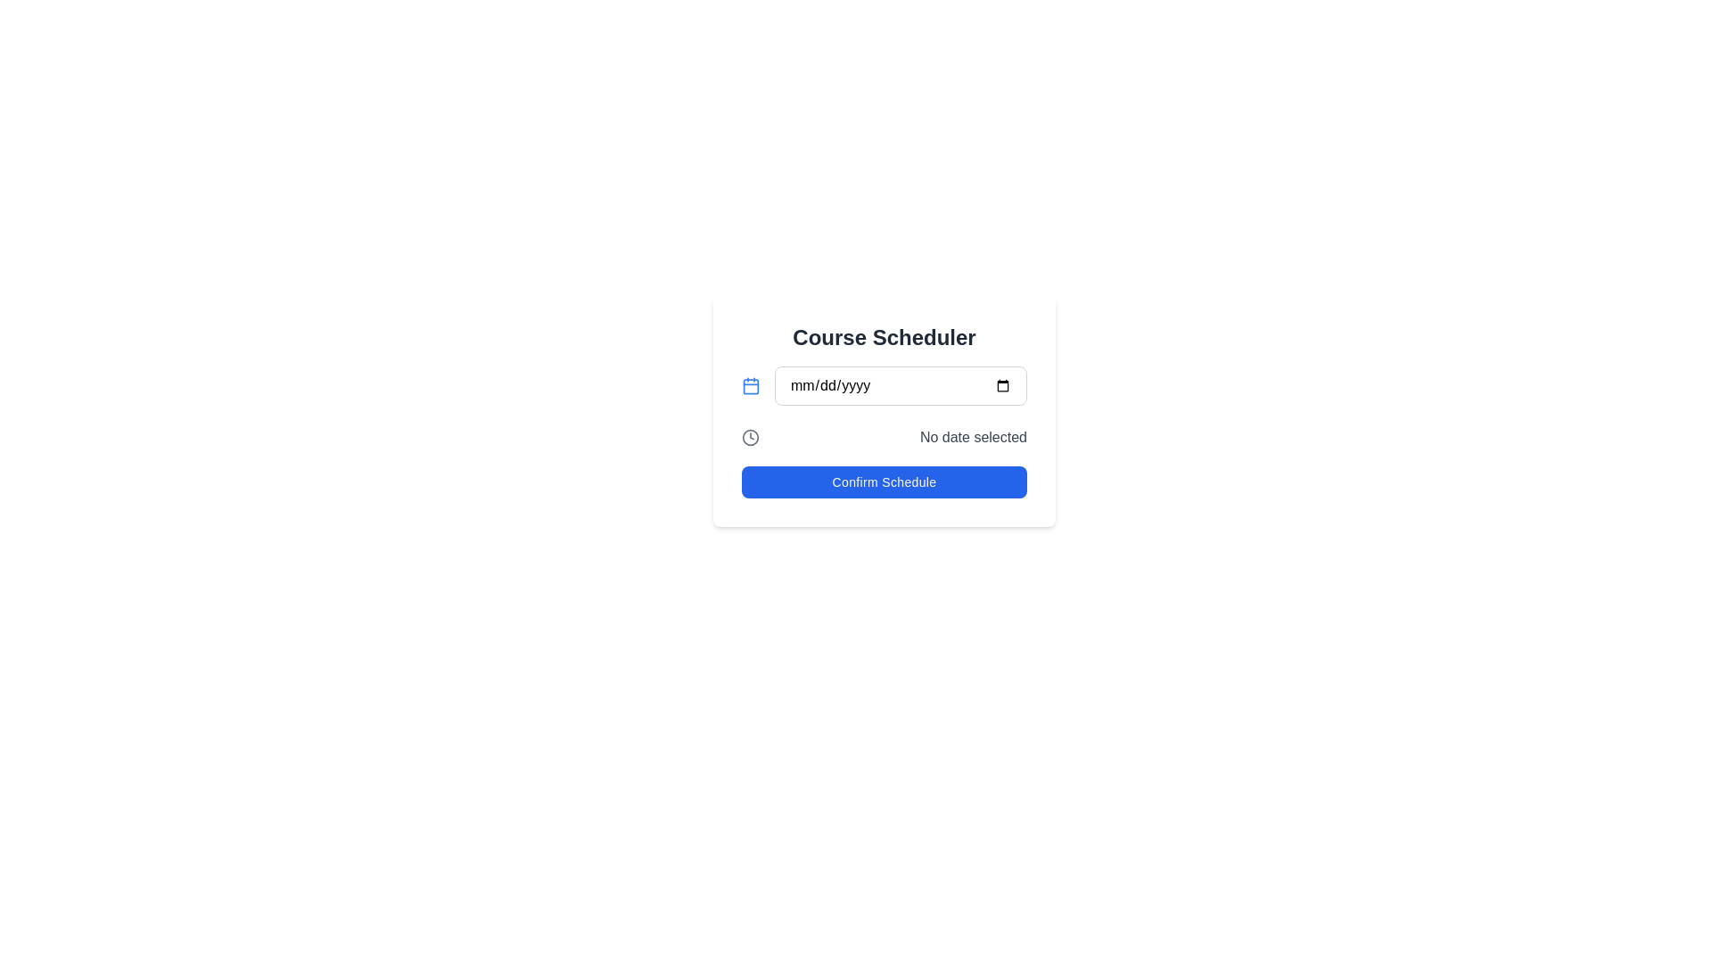 Image resolution: width=1712 pixels, height=963 pixels. I want to click on the static text label indicating 'No date selected', which is styled in gray and located to the right of the clock icon in the scheduling section, so click(972, 437).